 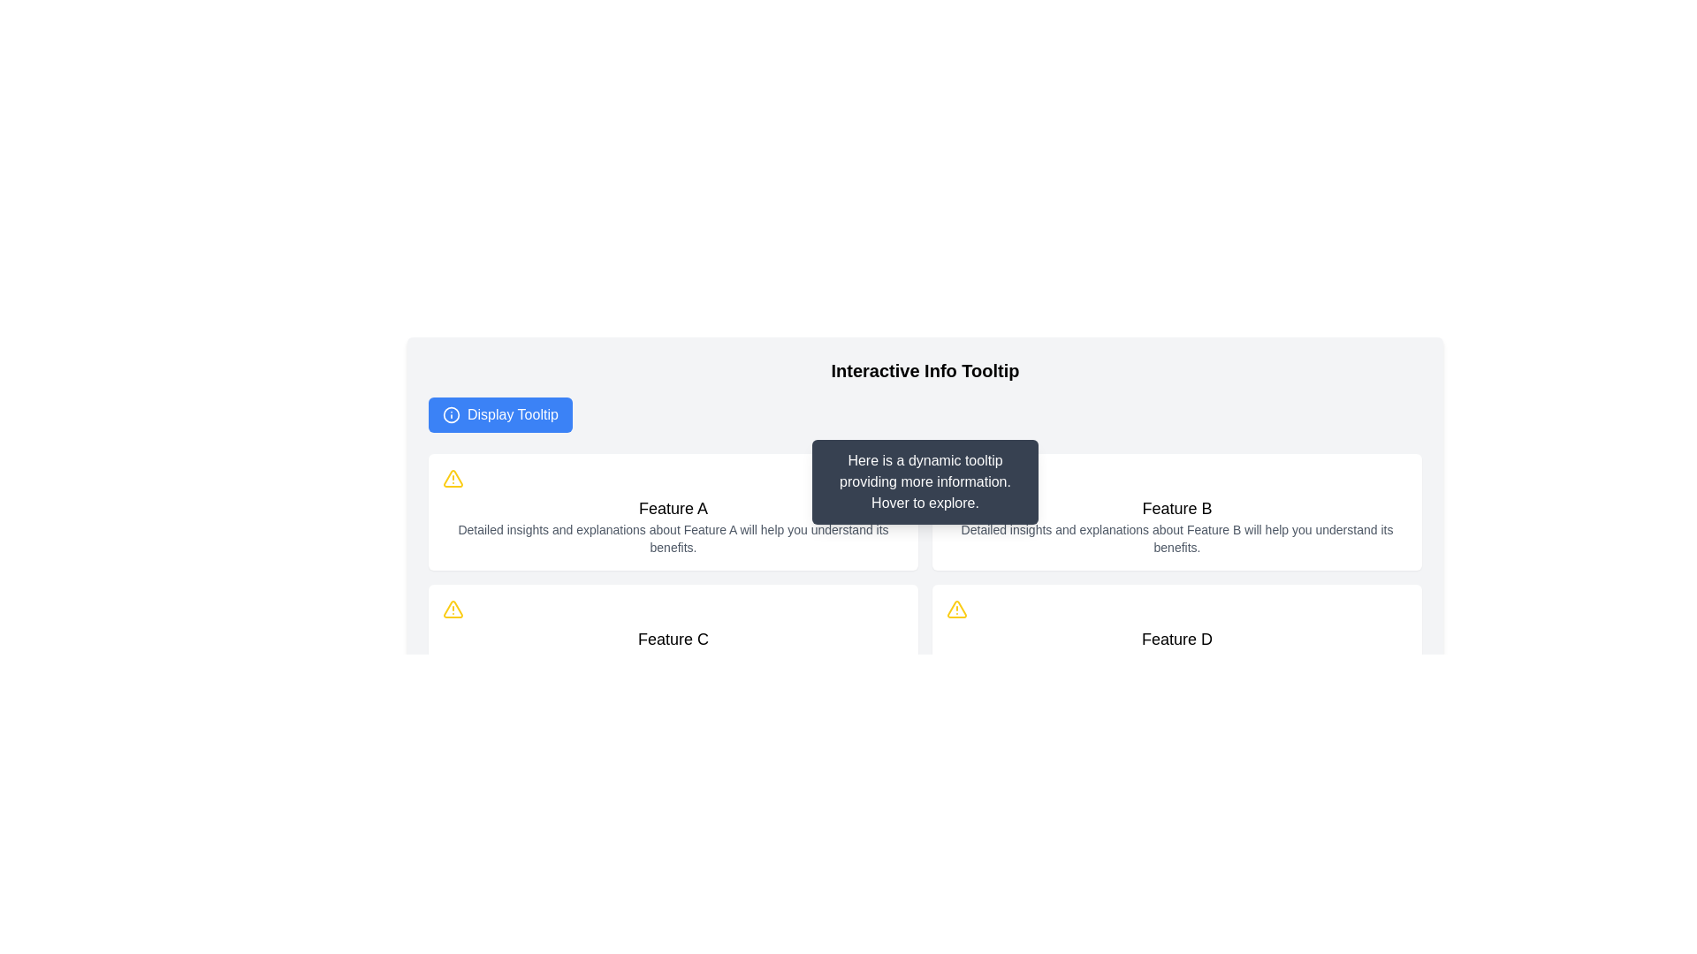 I want to click on the Text Label that serves as a heading for the section related to 'Feature C', located in the third column of a grid layout, so click(x=673, y=640).